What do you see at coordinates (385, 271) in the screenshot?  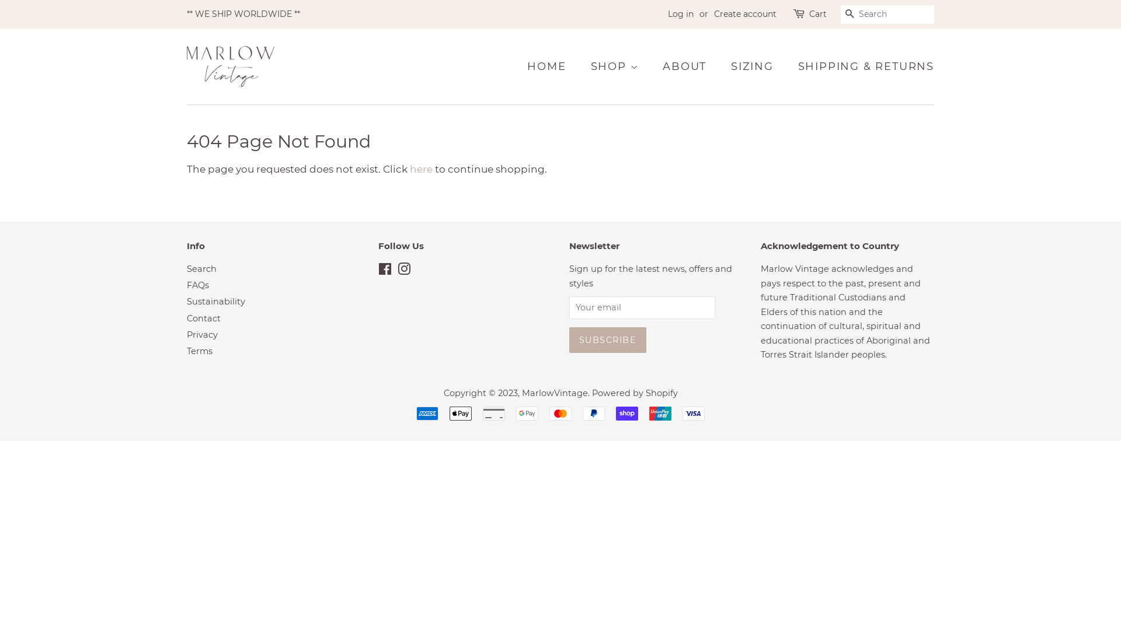 I see `'Facebook'` at bounding box center [385, 271].